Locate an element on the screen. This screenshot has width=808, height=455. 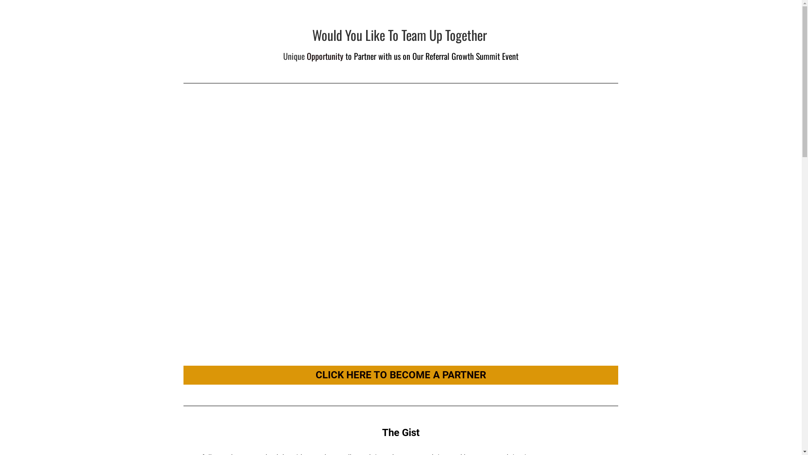
'CLICK HERE TO BECOME A PARTNER' is located at coordinates (400, 375).